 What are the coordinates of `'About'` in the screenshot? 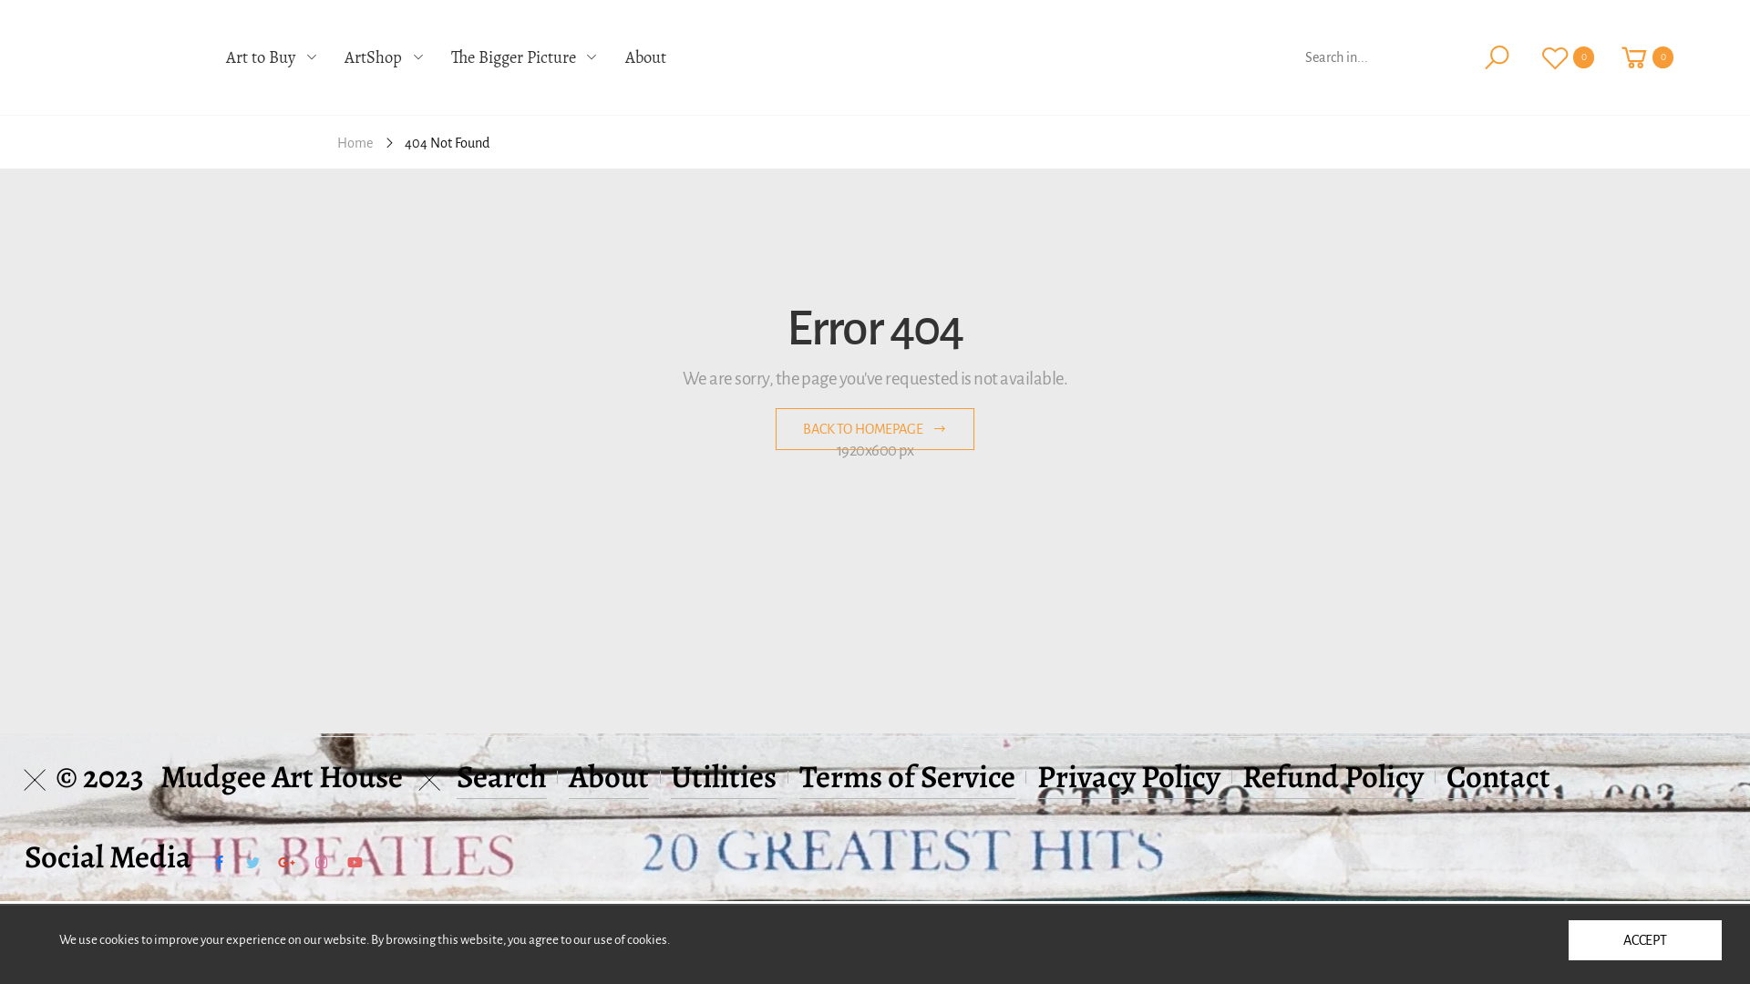 It's located at (568, 776).